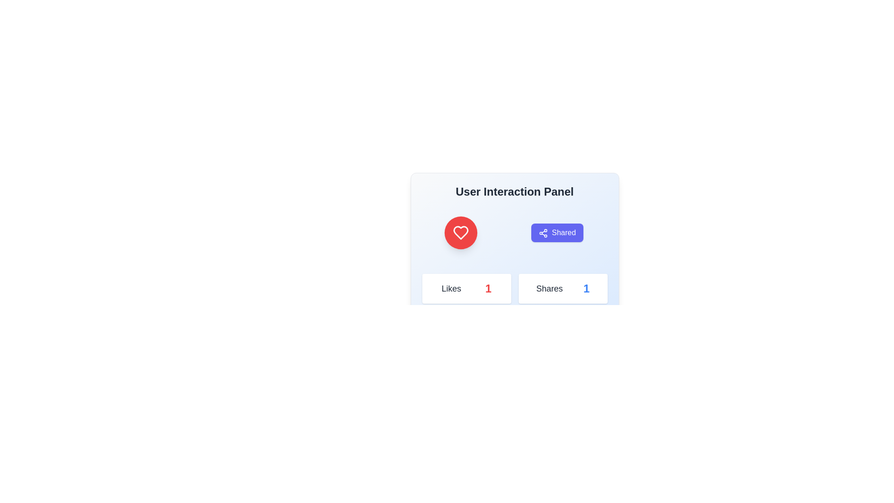  Describe the element at coordinates (451, 288) in the screenshot. I see `label text that indicates the context for the number of 'Likes' received, located on the left side of the panel next to the bold numerical value '1'` at that location.